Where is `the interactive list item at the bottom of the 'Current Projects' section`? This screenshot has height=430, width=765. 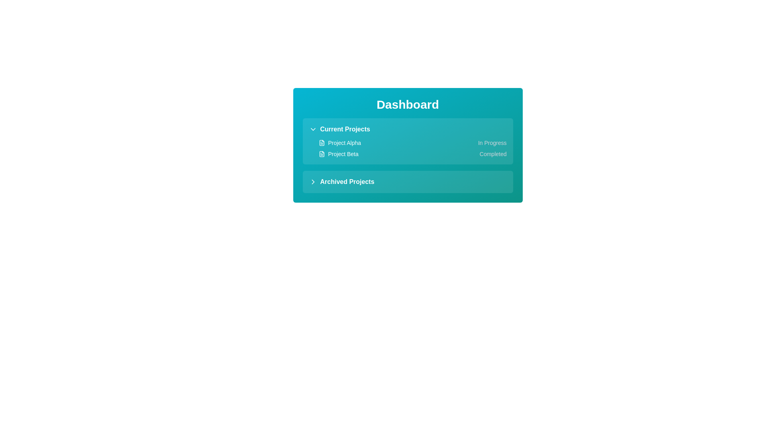 the interactive list item at the bottom of the 'Current Projects' section is located at coordinates (408, 182).